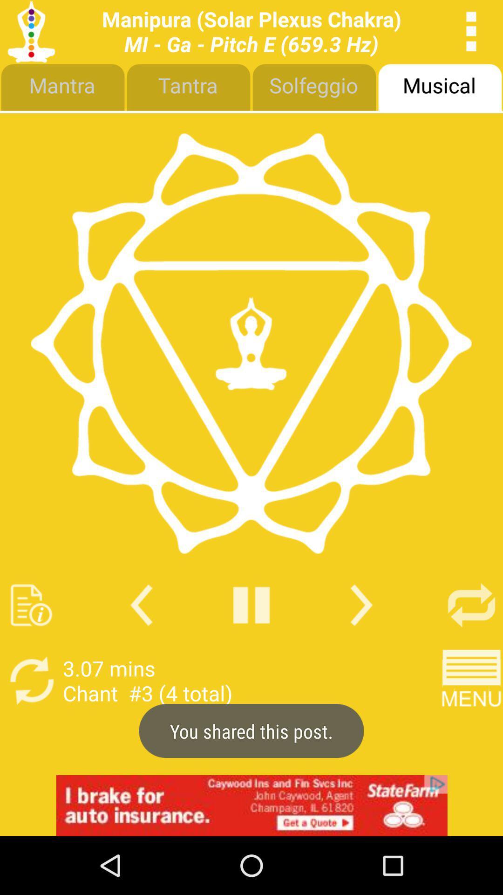 The width and height of the screenshot is (503, 895). What do you see at coordinates (361, 605) in the screenshot?
I see `go next` at bounding box center [361, 605].